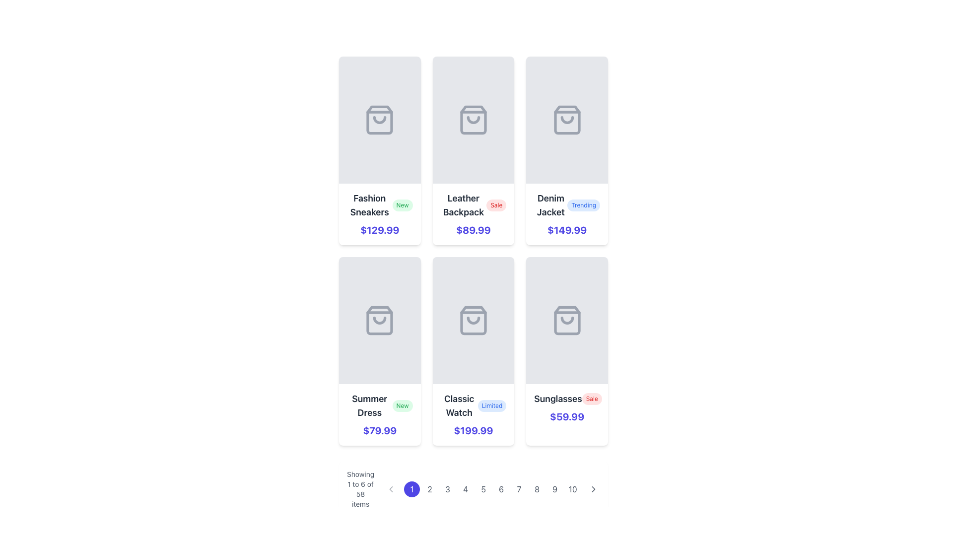 The image size is (953, 536). I want to click on text content of the 'Classic Watch' text label, which is prominently displayed in bold dark gray font within a white background, located in the second row and third column of the grid layout, so click(459, 405).